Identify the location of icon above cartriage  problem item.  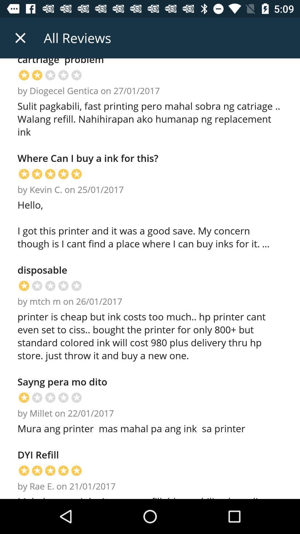
(20, 38).